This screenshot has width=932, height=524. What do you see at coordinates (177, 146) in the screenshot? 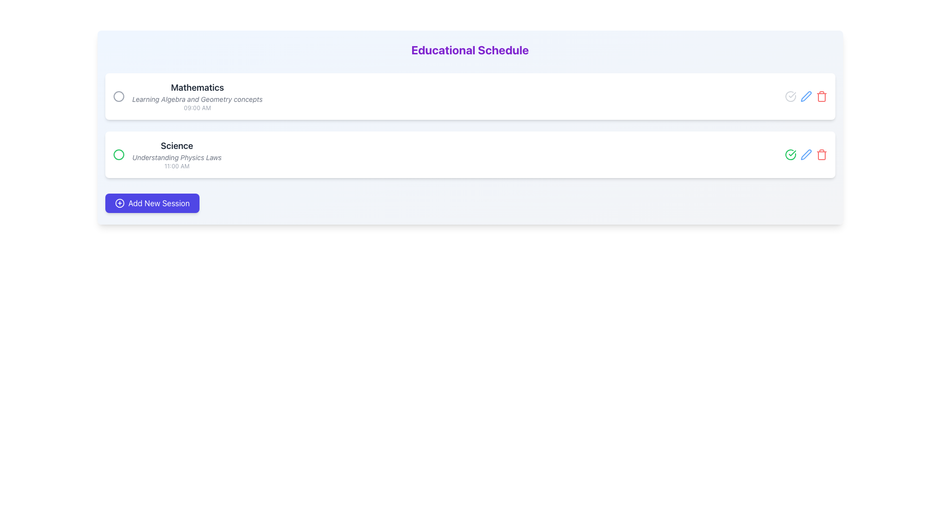
I see `the text label that serves as the header for the session entry titled 'Science', located above the subtitle 'Understanding Physics Laws' and the timestamp '11:00 AM'` at bounding box center [177, 146].